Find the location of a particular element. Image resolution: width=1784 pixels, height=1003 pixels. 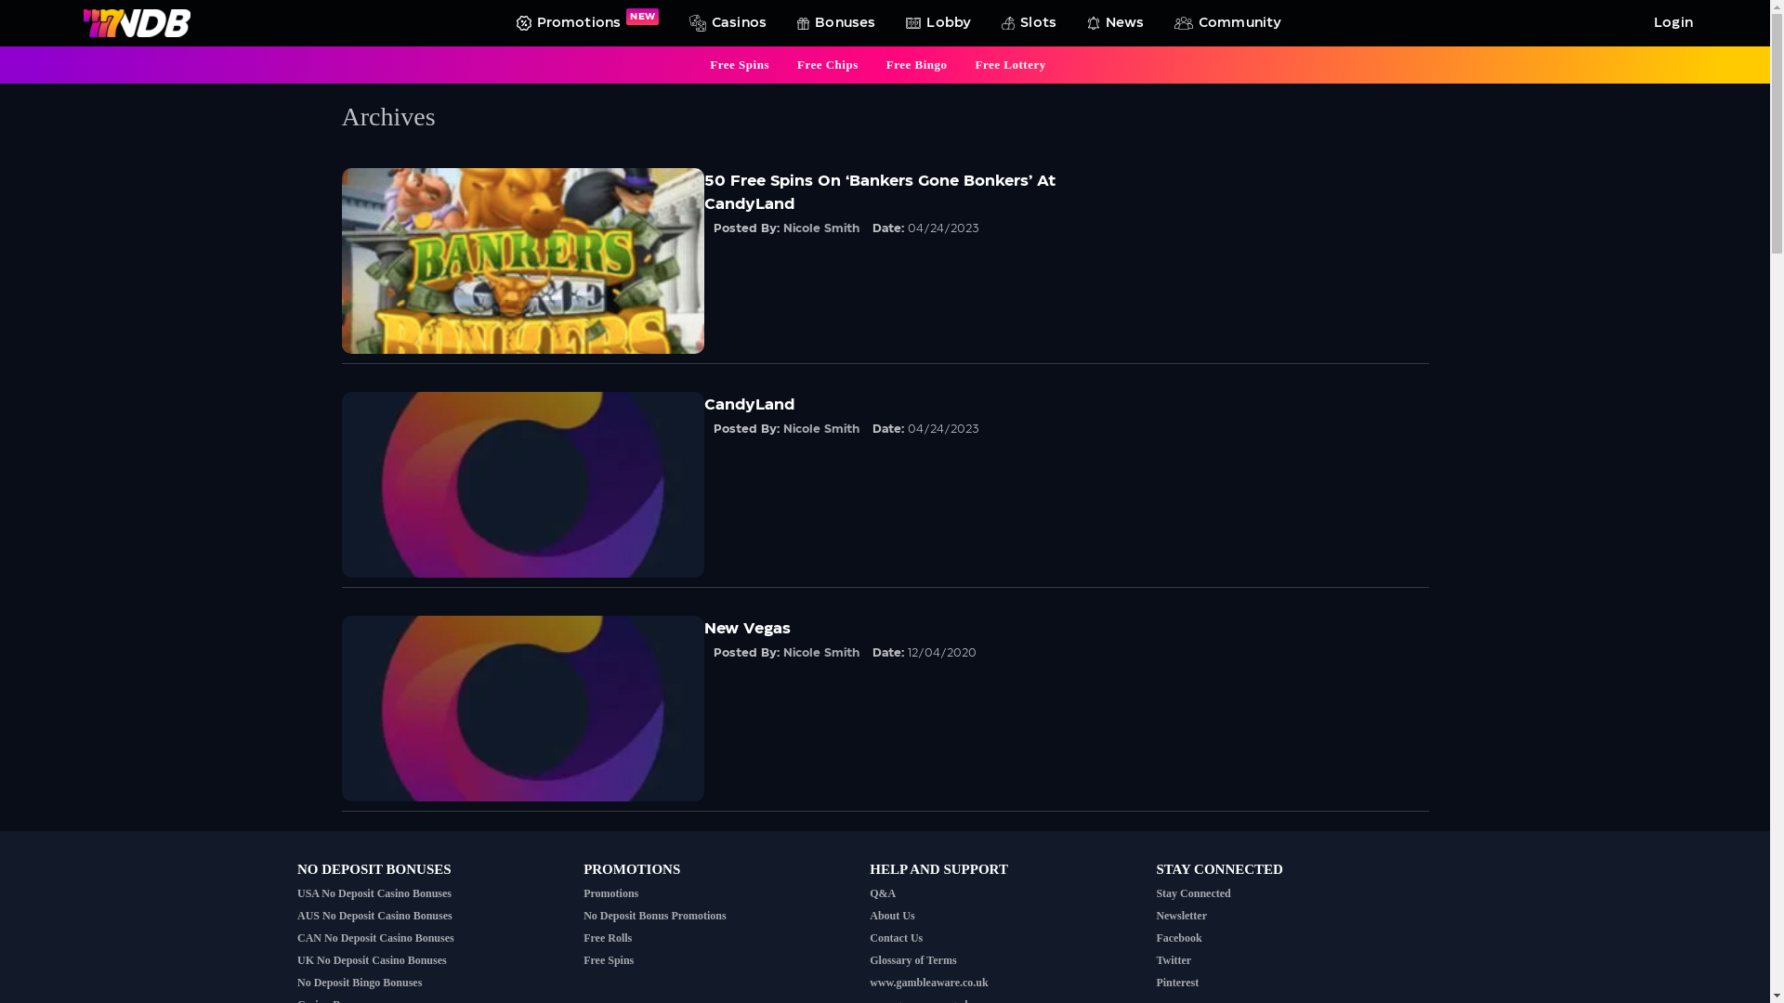

'CAN No Deposit Casino Bonuses' is located at coordinates (374, 938).